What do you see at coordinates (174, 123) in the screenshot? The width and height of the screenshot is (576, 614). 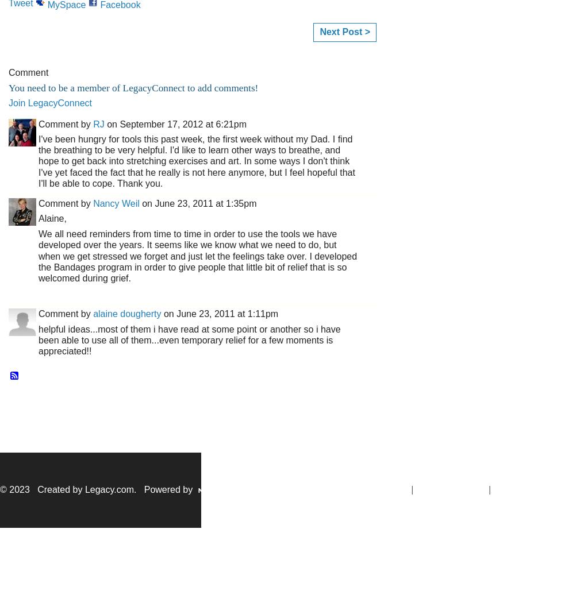 I see `'on September 17, 2012 at 6:21pm'` at bounding box center [174, 123].